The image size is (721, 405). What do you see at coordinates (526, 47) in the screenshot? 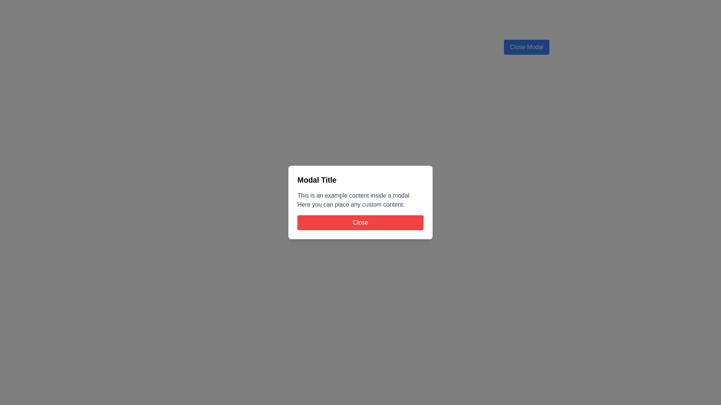
I see `the close button at the top-middle area of the modal` at bounding box center [526, 47].